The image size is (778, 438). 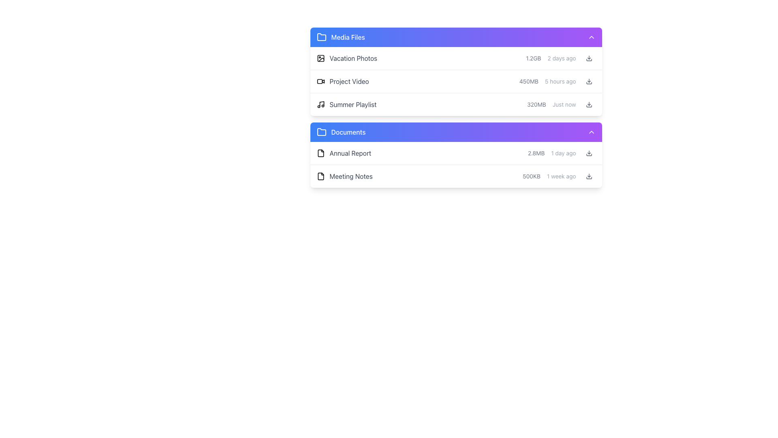 What do you see at coordinates (558, 176) in the screenshot?
I see `the metadata display for the document labeled 'Meeting Notes'` at bounding box center [558, 176].